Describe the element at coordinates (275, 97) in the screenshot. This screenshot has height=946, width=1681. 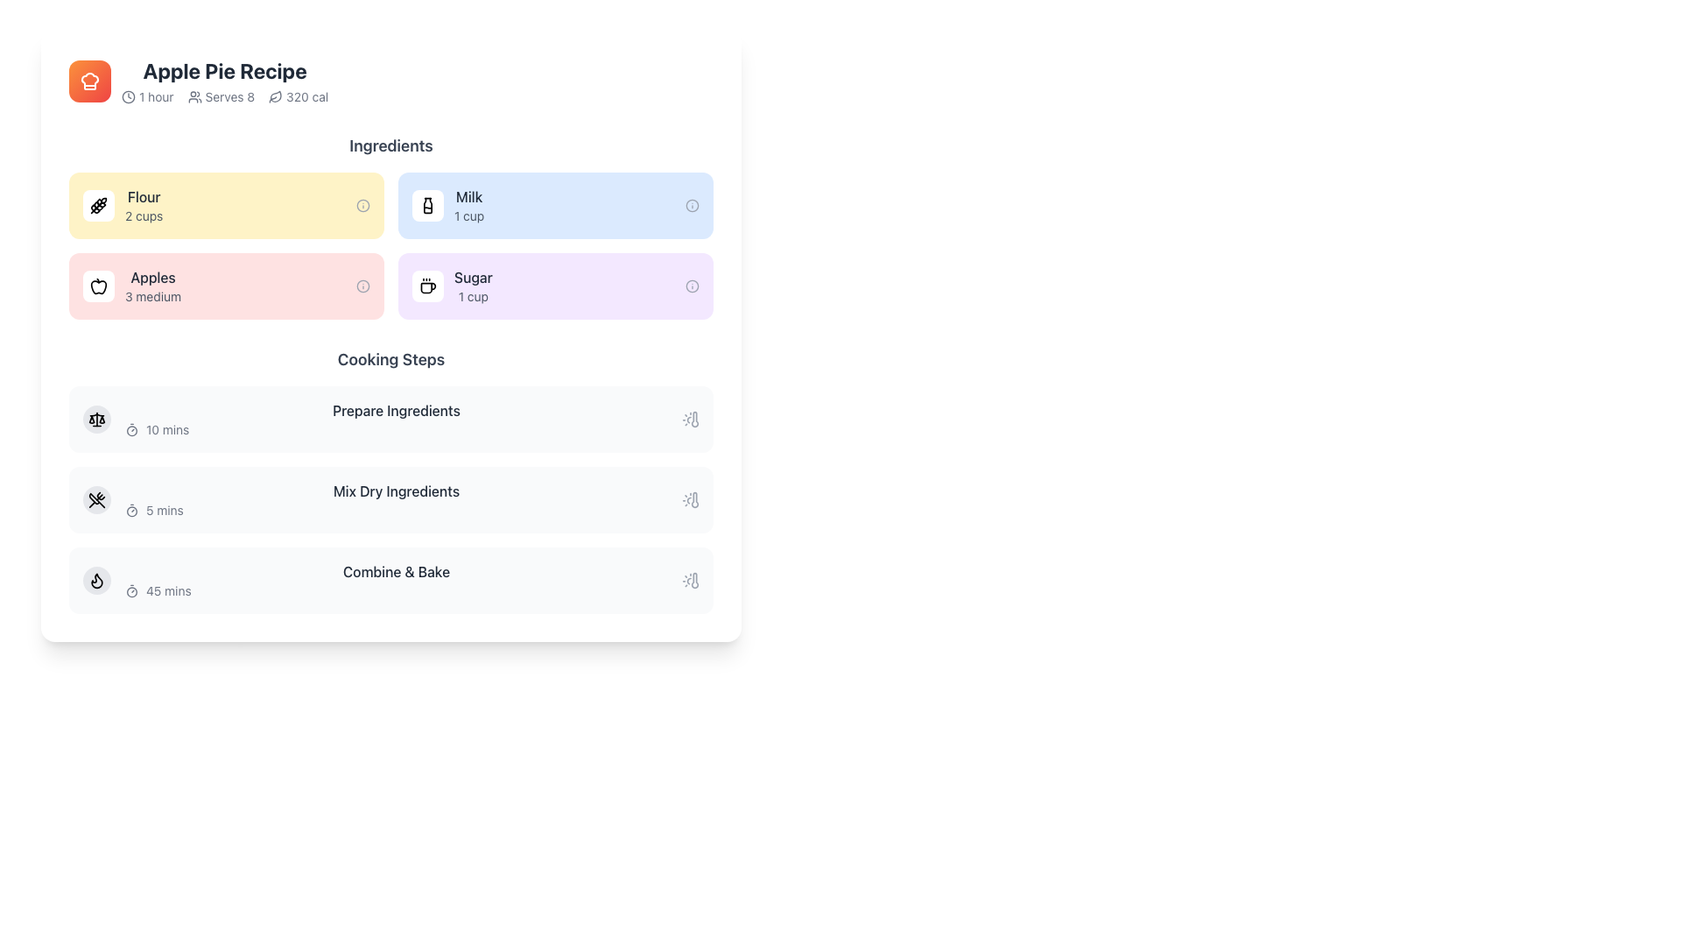
I see `leaf-shaped icon located to the left of the '320 cal' text in the top-right section of the recipe card header` at that location.